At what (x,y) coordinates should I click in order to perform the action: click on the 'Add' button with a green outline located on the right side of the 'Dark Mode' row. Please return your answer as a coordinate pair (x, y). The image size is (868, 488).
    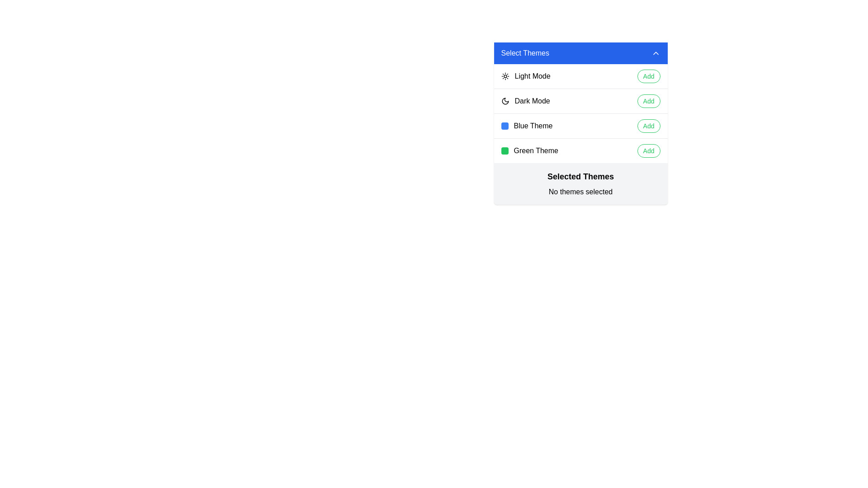
    Looking at the image, I should click on (648, 101).